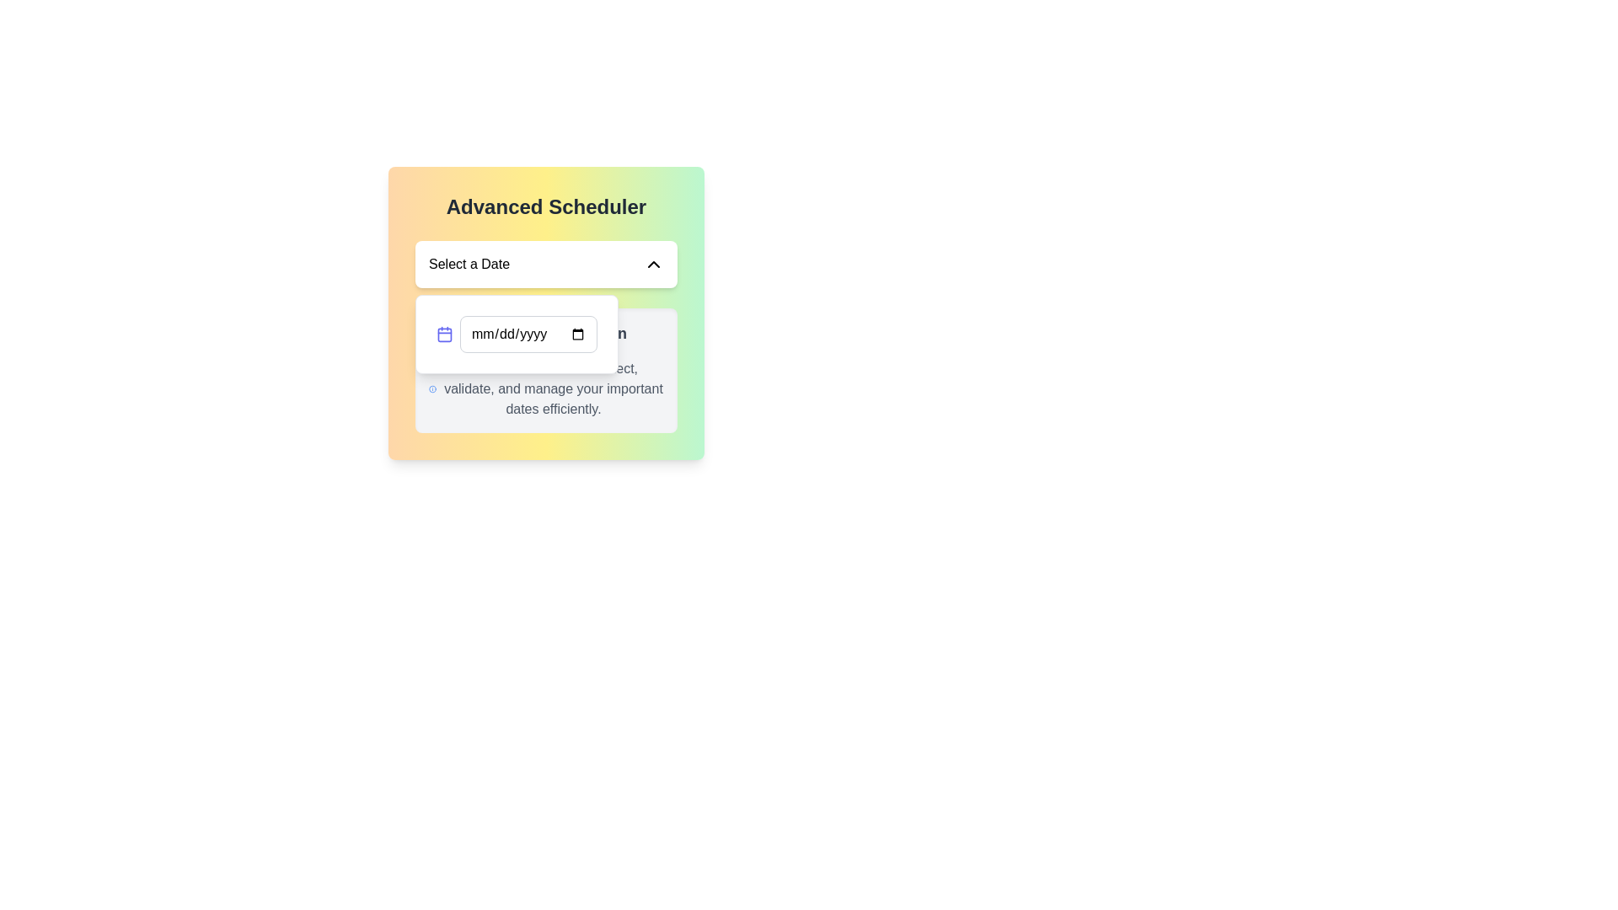  What do you see at coordinates (546, 389) in the screenshot?
I see `informational text block located beneath the 'Scheduler Information' heading, adjacent to the blue circular icon` at bounding box center [546, 389].